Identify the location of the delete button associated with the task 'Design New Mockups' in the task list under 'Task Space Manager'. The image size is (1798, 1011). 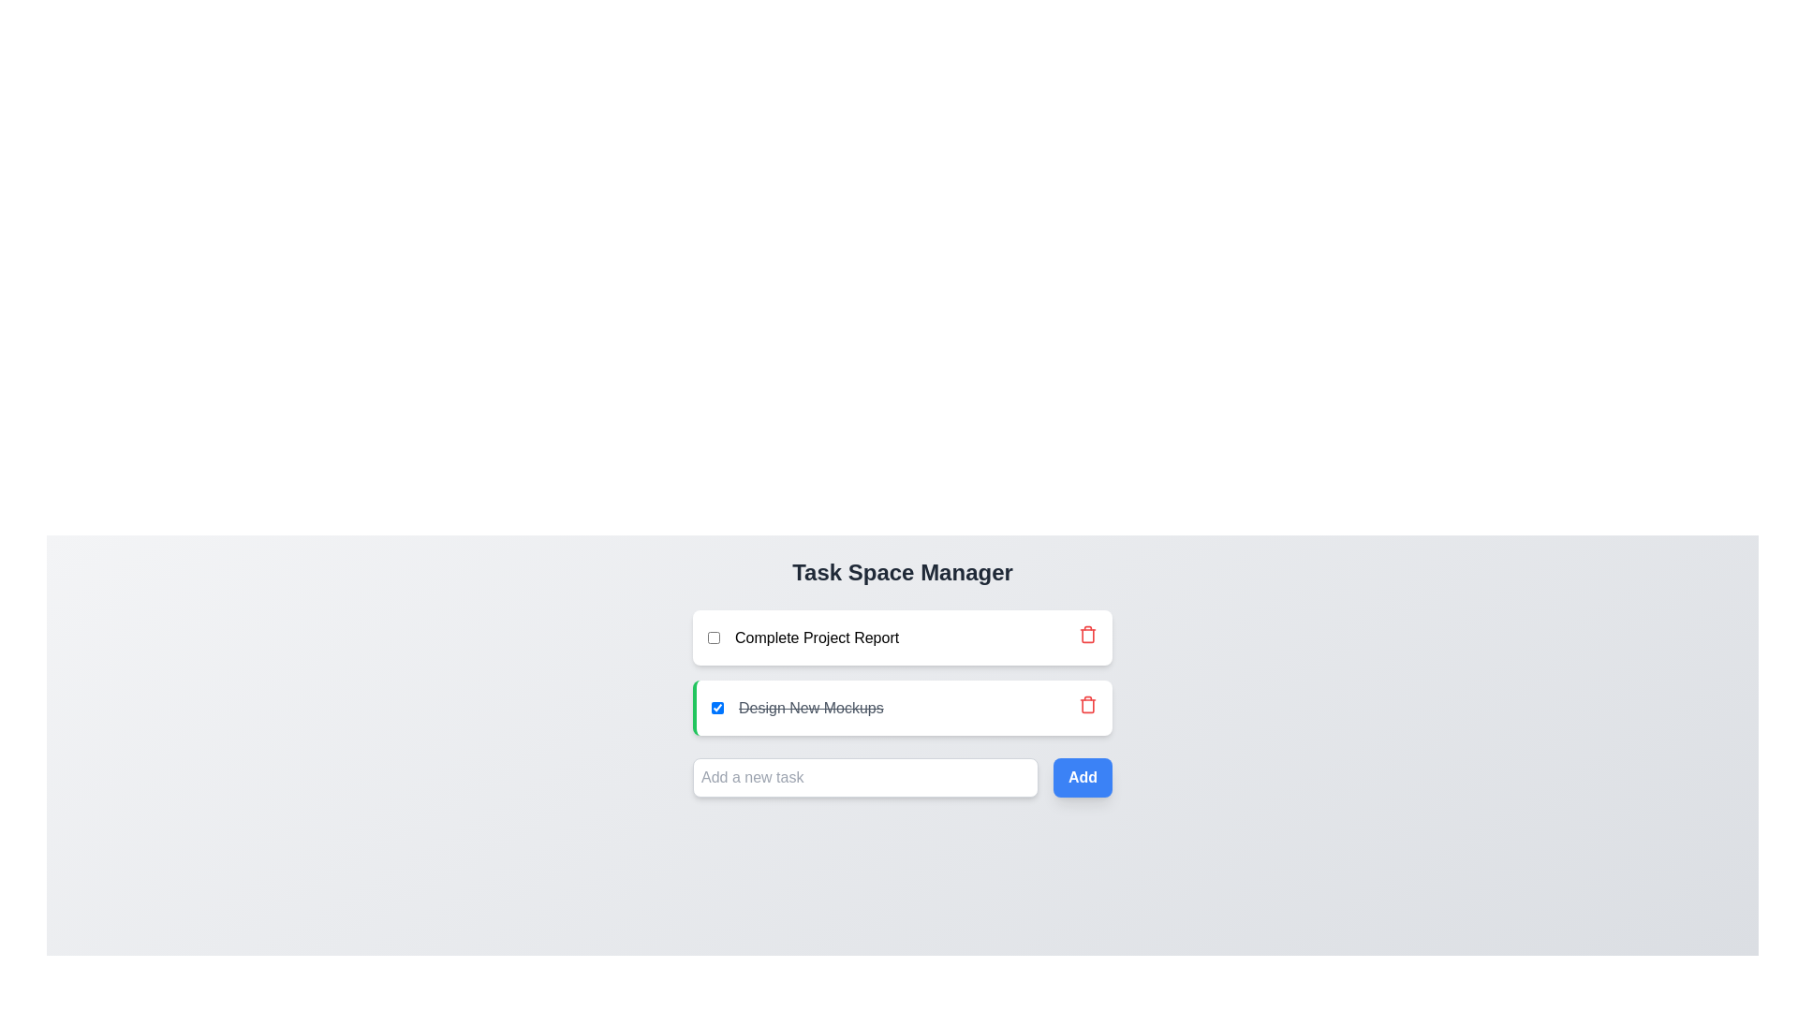
(1087, 634).